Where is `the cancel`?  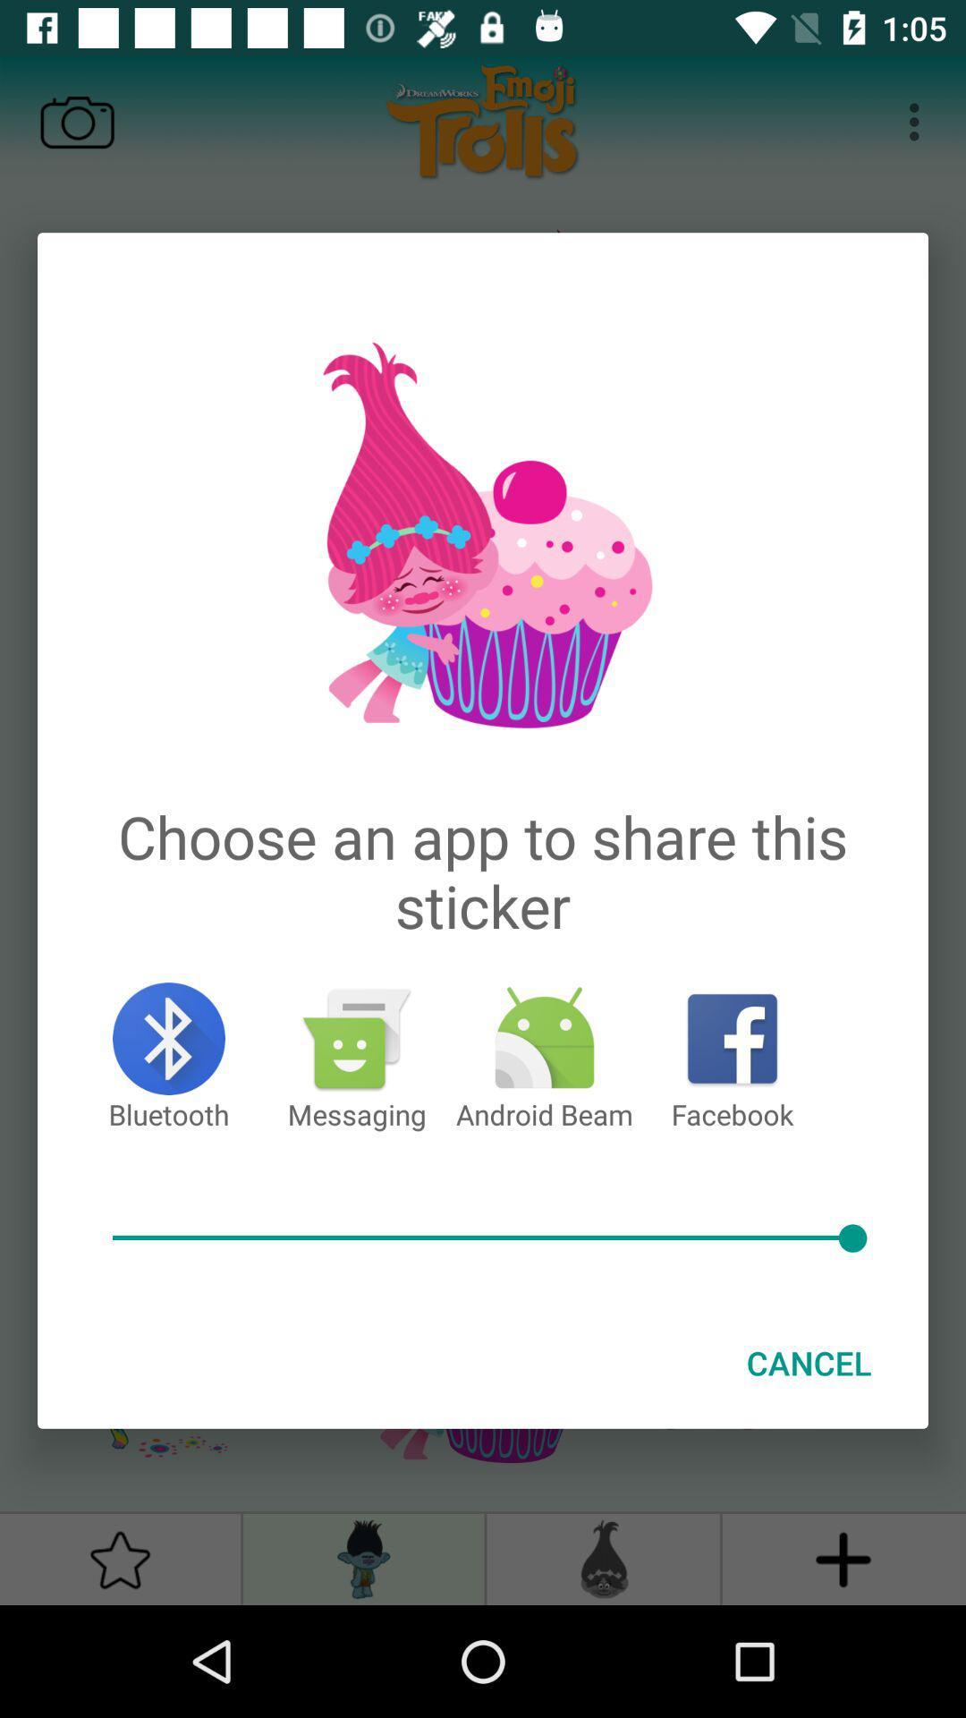
the cancel is located at coordinates (809, 1362).